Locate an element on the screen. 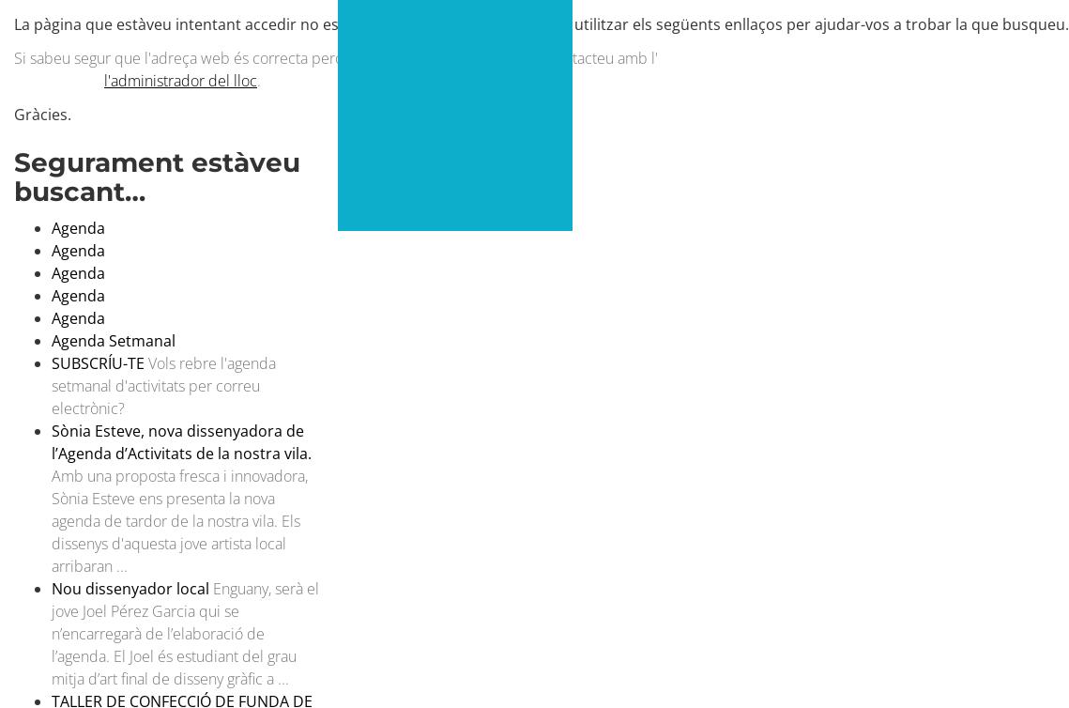 This screenshot has width=1069, height=708. 'l'administrador del lloc' is located at coordinates (179, 79).